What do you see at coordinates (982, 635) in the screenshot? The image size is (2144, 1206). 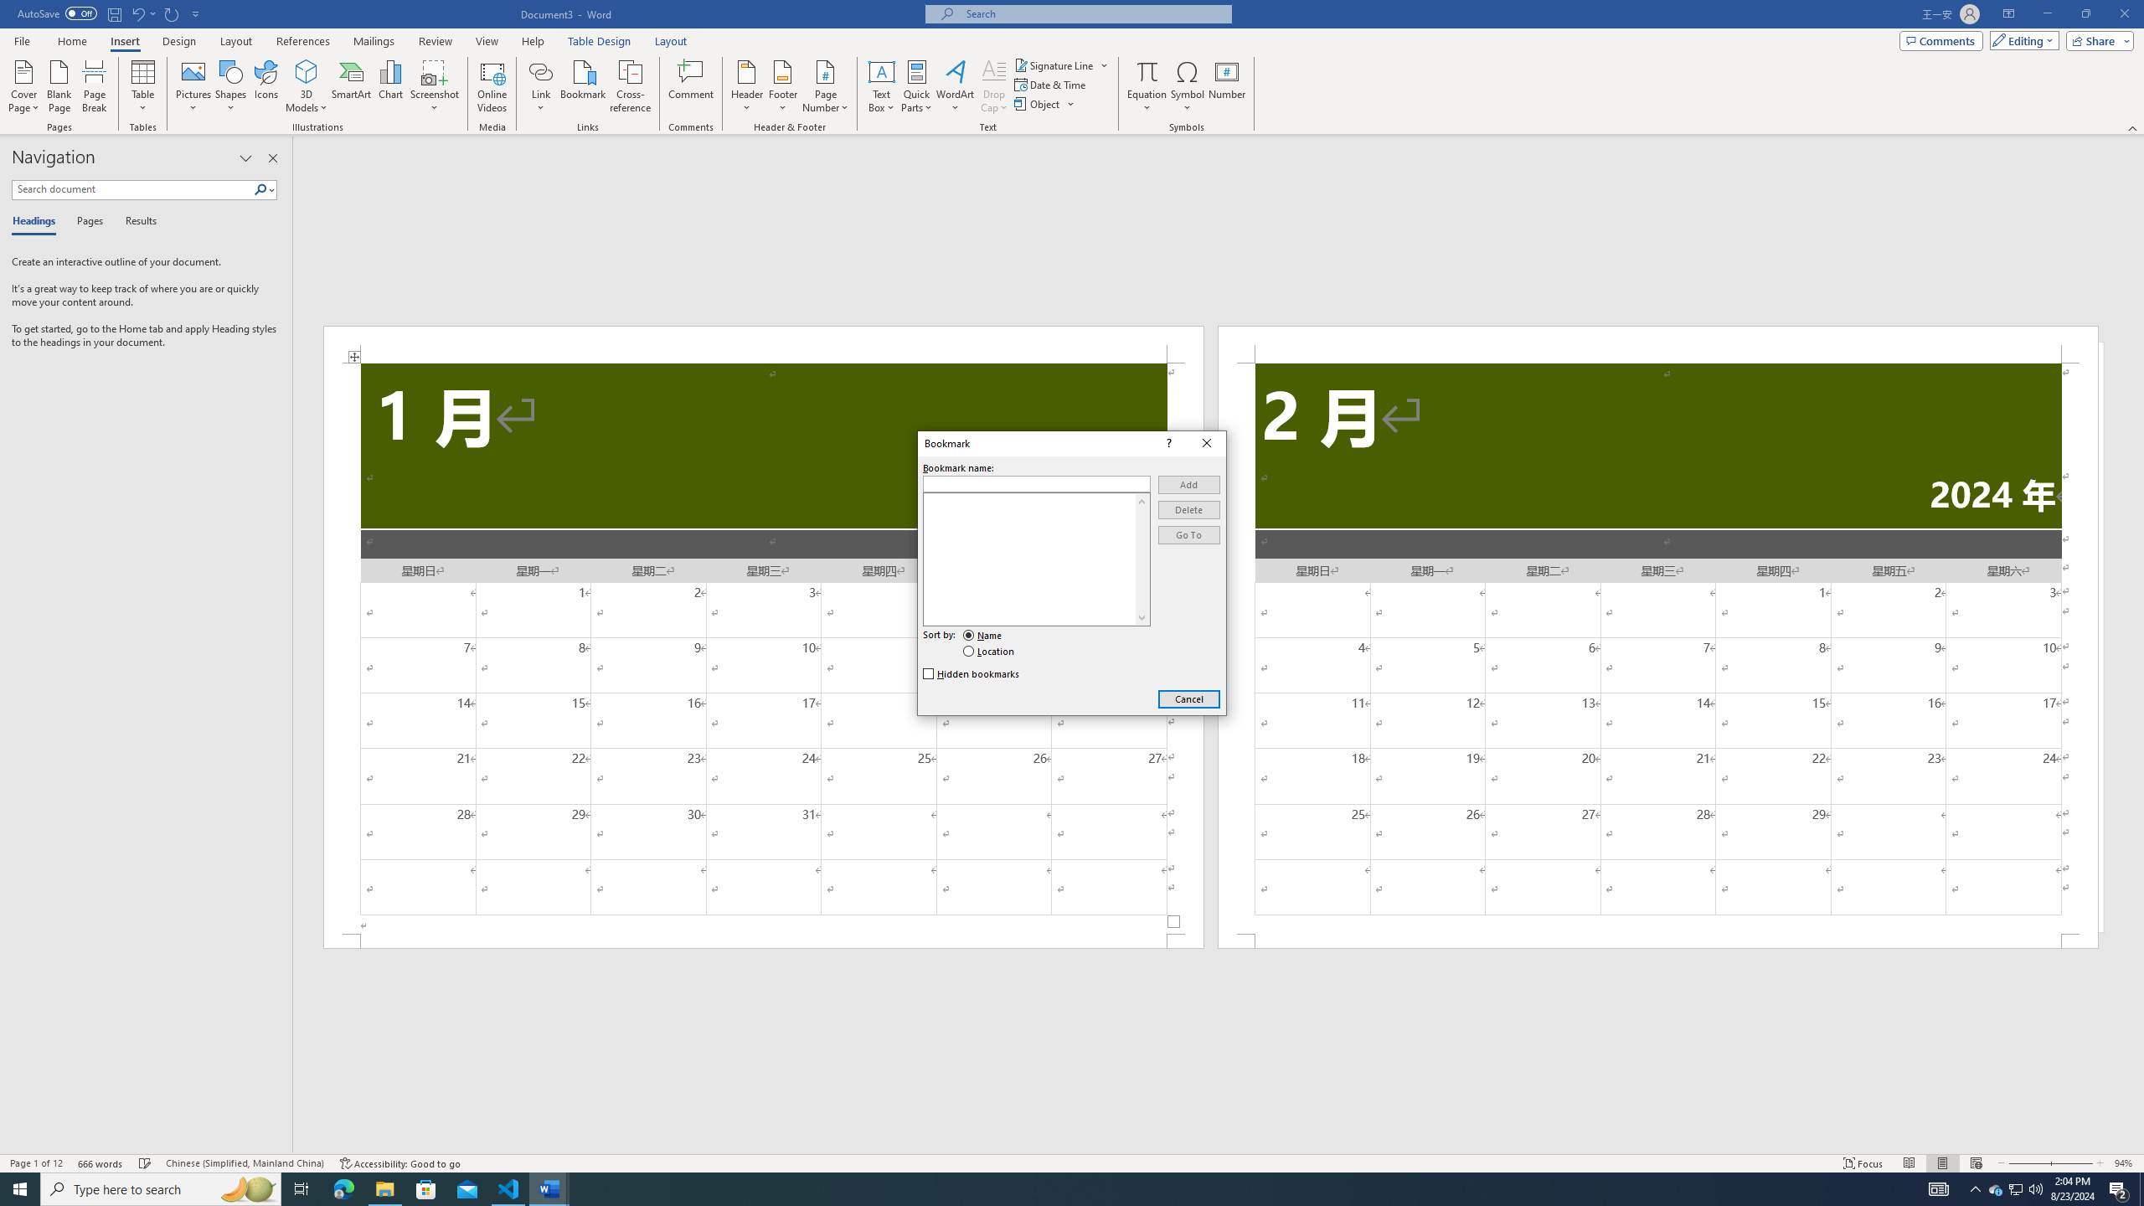 I see `'Name'` at bounding box center [982, 635].